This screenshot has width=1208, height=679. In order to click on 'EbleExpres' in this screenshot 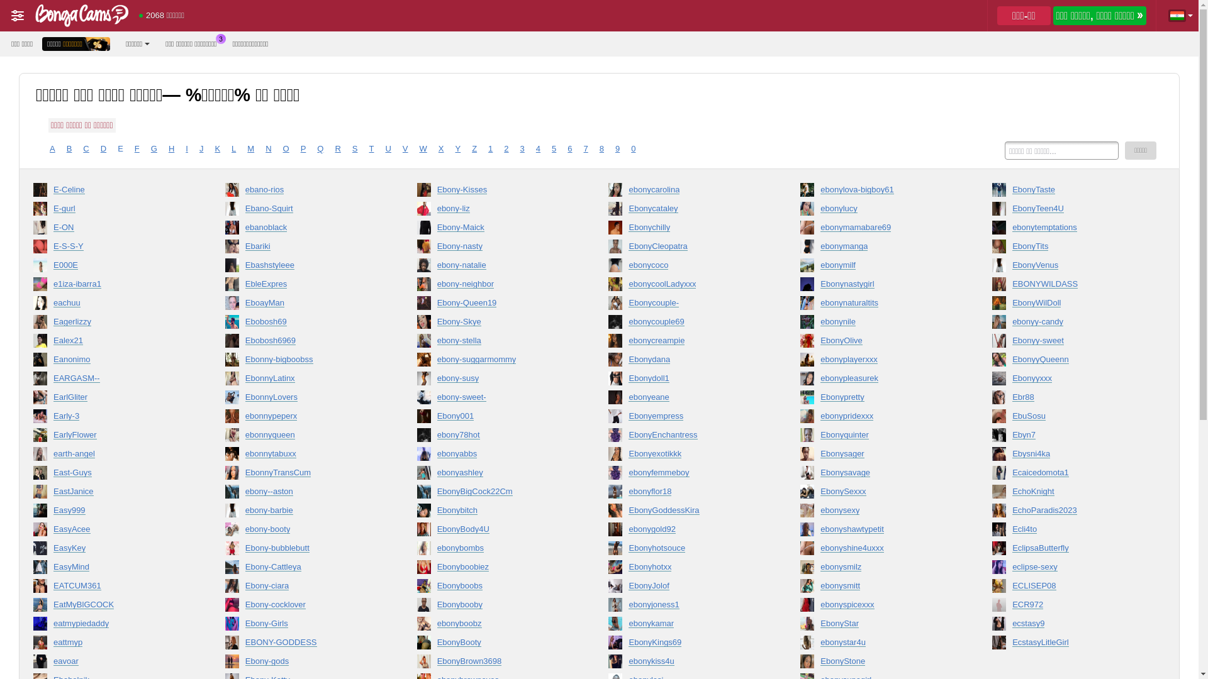, I will do `click(303, 286)`.